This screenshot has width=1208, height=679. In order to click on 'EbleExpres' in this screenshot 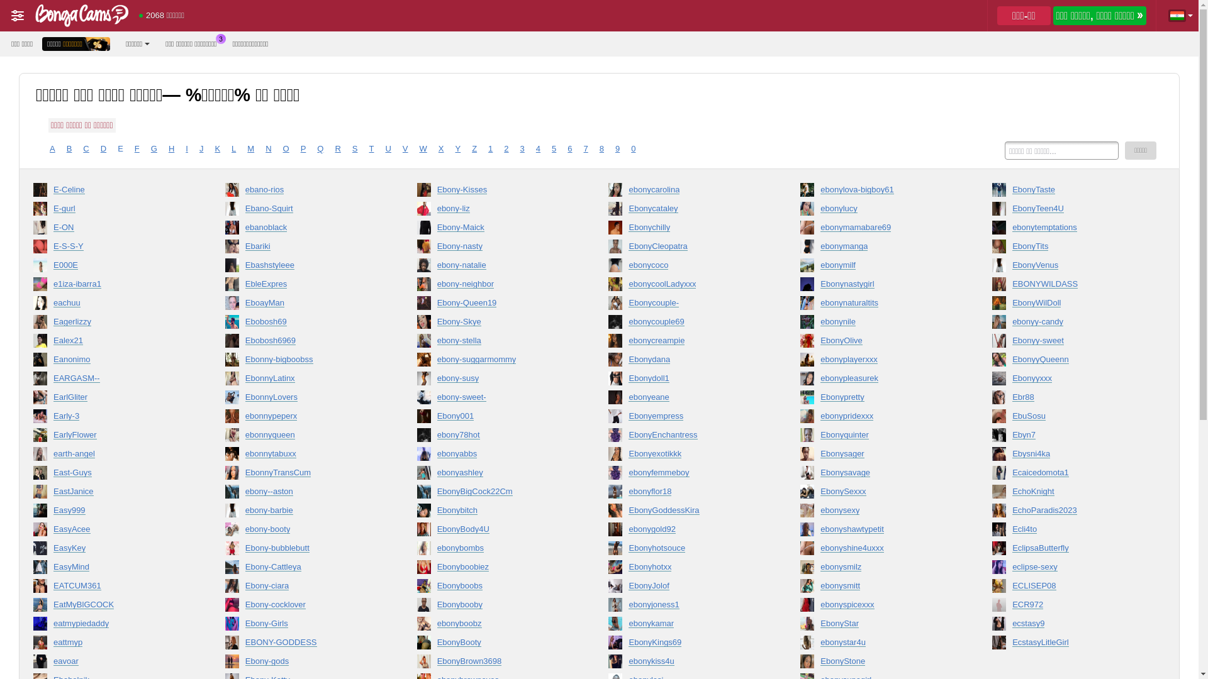, I will do `click(303, 286)`.